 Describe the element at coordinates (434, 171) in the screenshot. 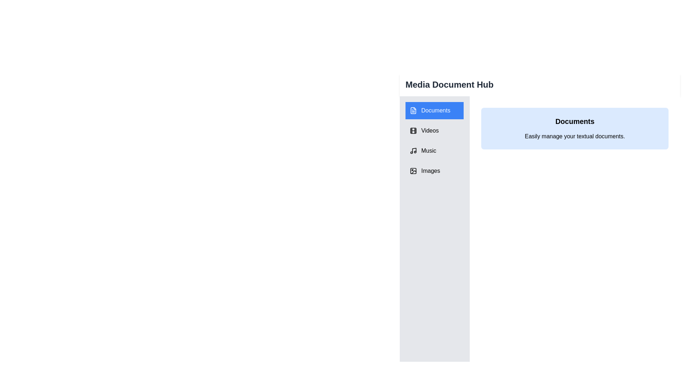

I see `the Images tab to view its content` at that location.